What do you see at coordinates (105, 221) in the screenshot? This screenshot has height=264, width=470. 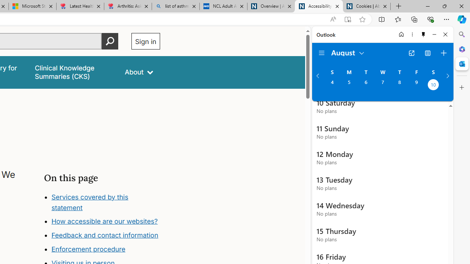 I see `'How accessible are our websites?'` at bounding box center [105, 221].